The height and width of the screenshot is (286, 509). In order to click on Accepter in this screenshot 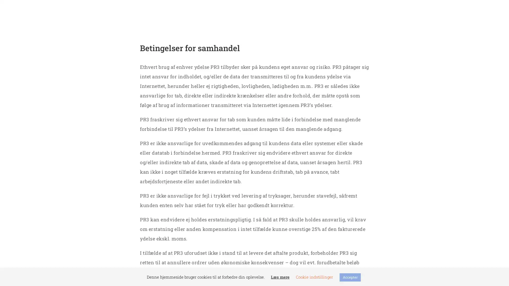, I will do `click(350, 277)`.